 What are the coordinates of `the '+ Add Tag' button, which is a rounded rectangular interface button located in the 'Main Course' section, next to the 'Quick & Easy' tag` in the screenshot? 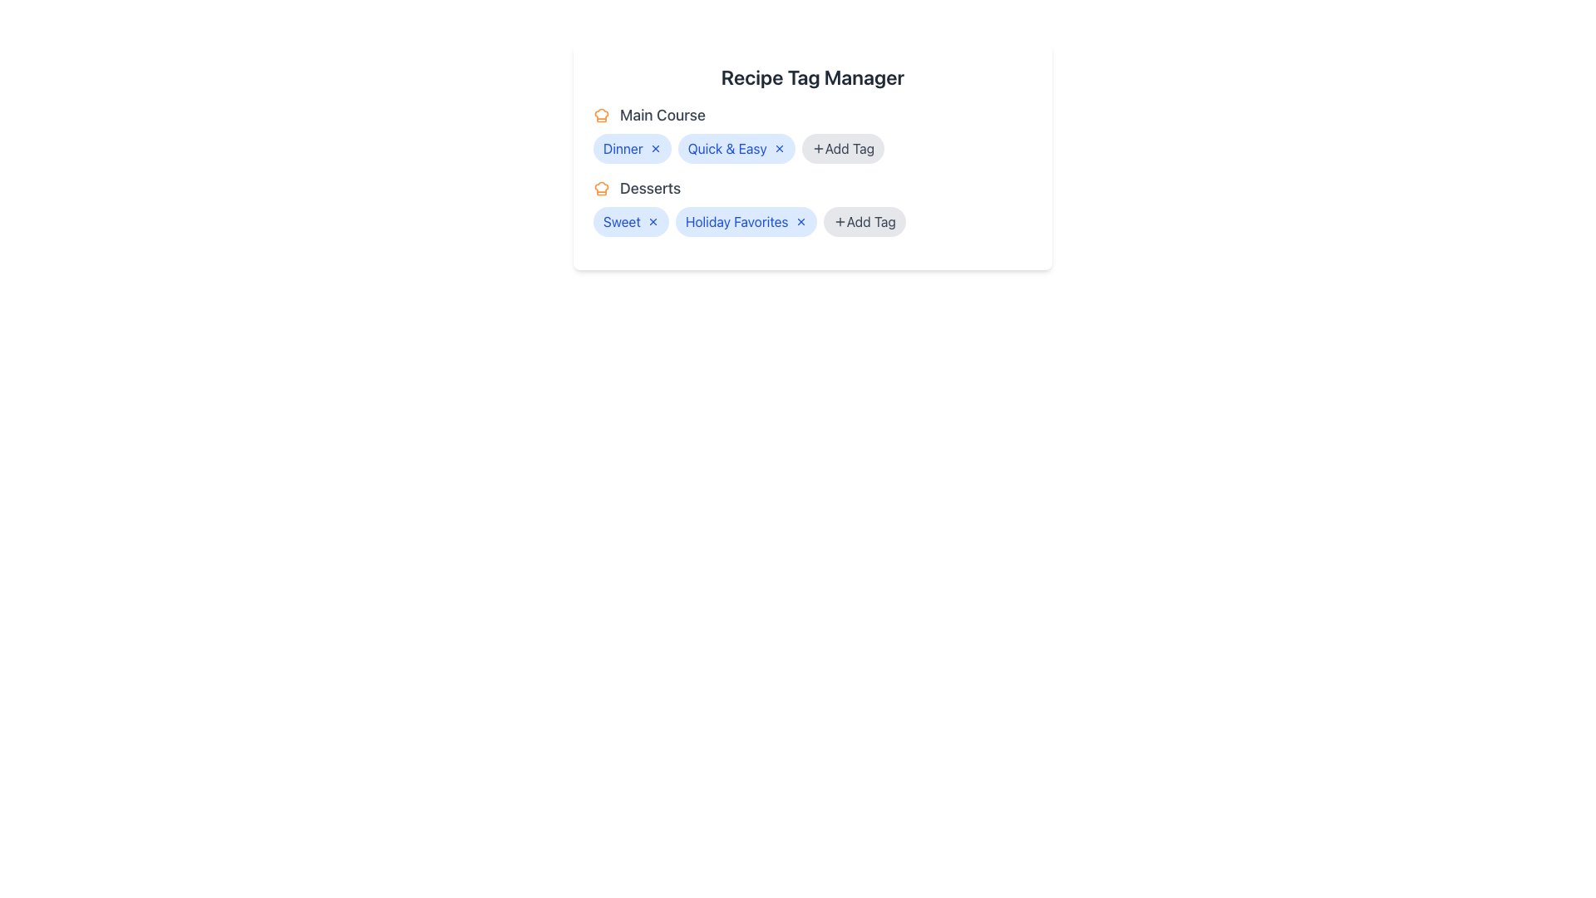 It's located at (813, 147).